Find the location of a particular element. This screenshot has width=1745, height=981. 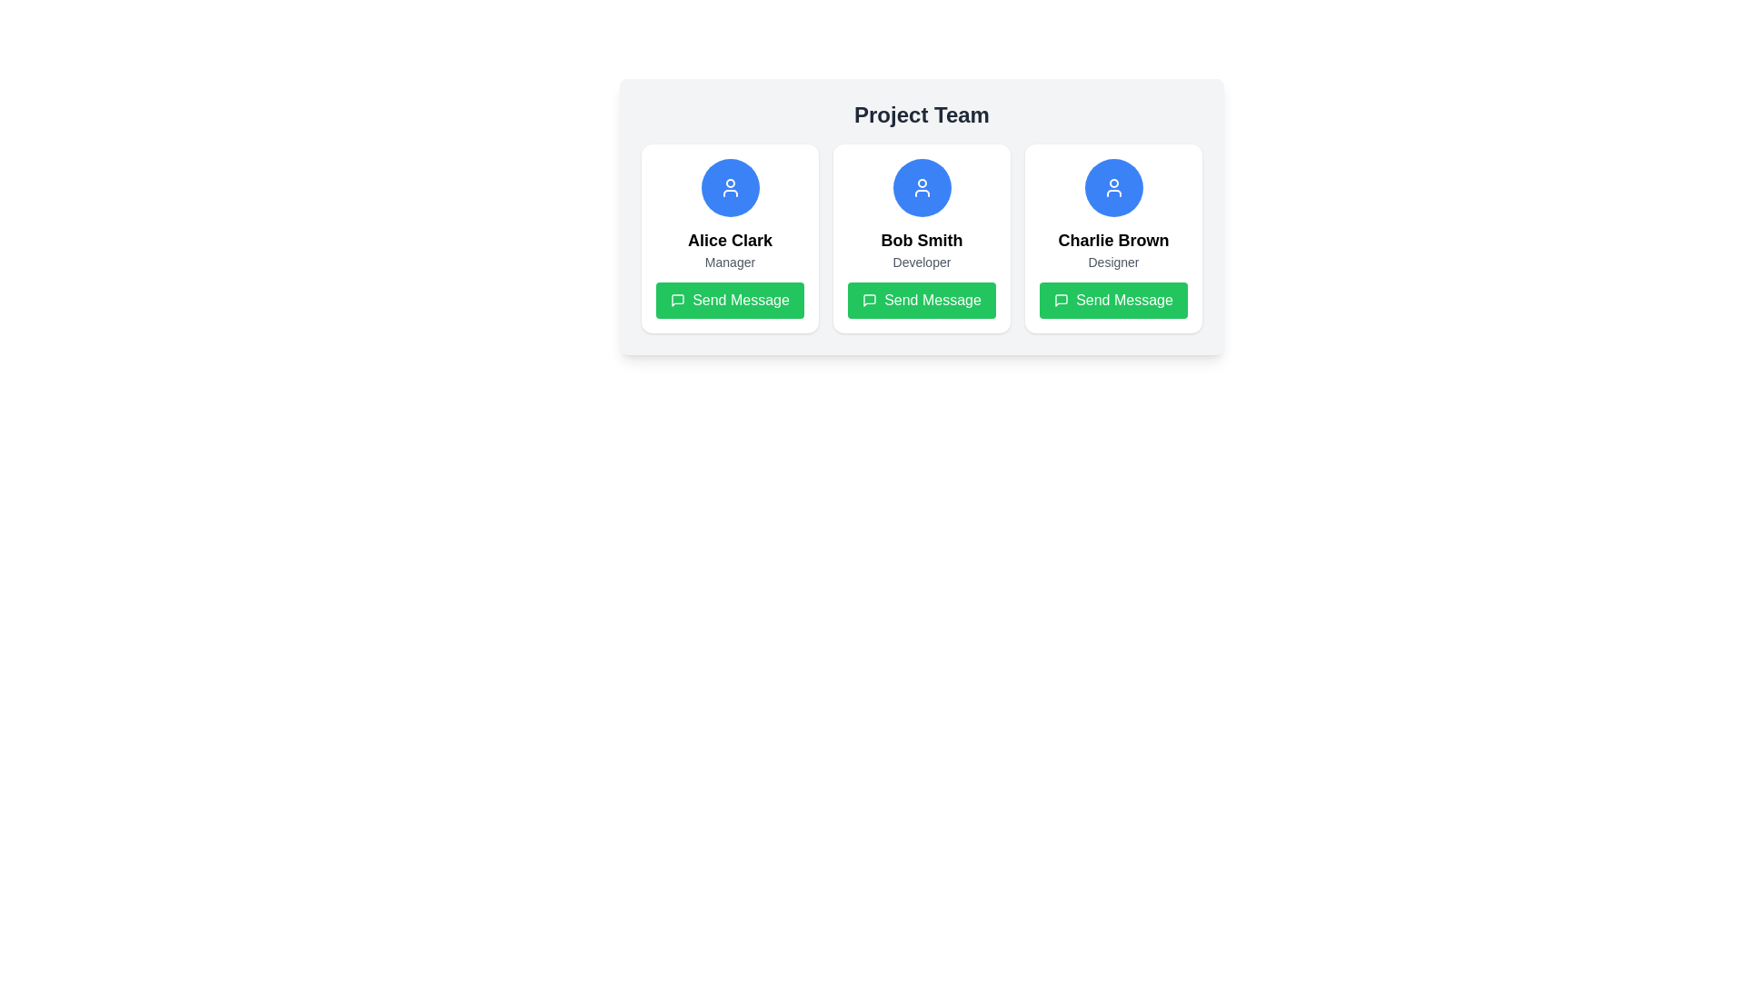

the Profile card representing a team member's profile, located in the 'Project Team' section, to trigger any hover effects is located at coordinates (922, 216).